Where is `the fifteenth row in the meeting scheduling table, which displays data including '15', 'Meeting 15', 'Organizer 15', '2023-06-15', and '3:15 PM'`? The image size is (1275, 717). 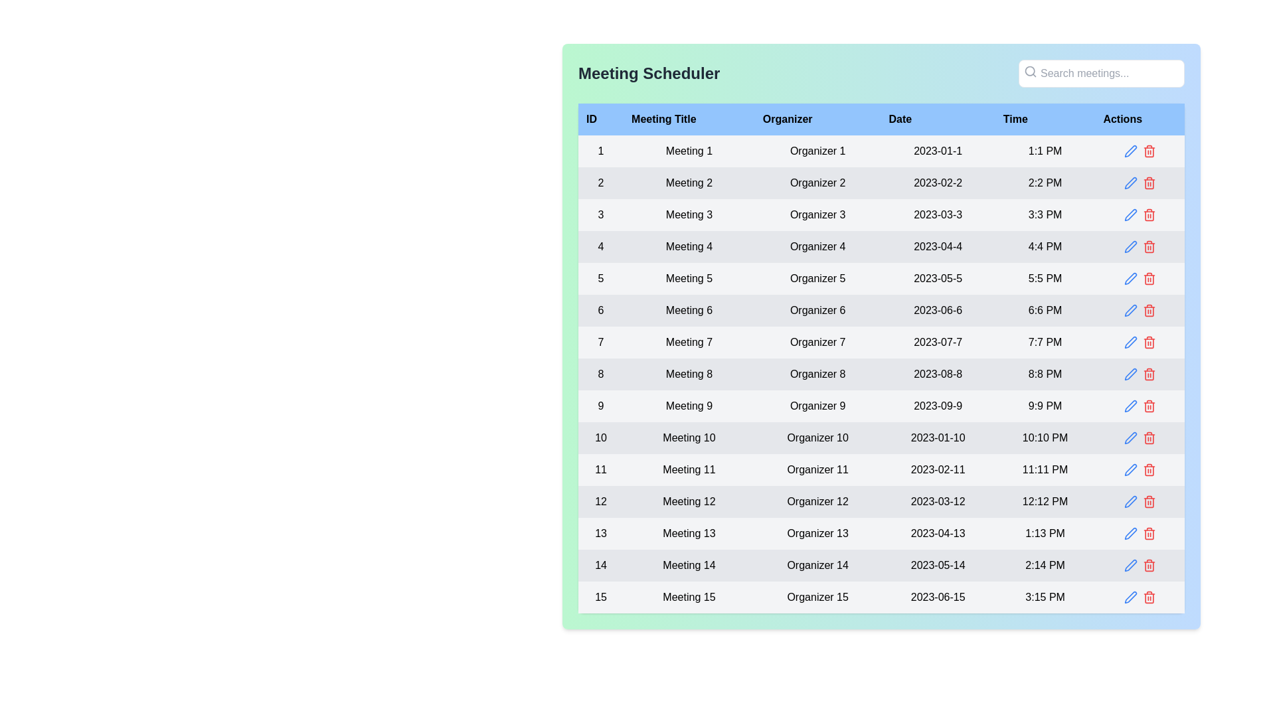 the fifteenth row in the meeting scheduling table, which displays data including '15', 'Meeting 15', 'Organizer 15', '2023-06-15', and '3:15 PM' is located at coordinates (881, 596).